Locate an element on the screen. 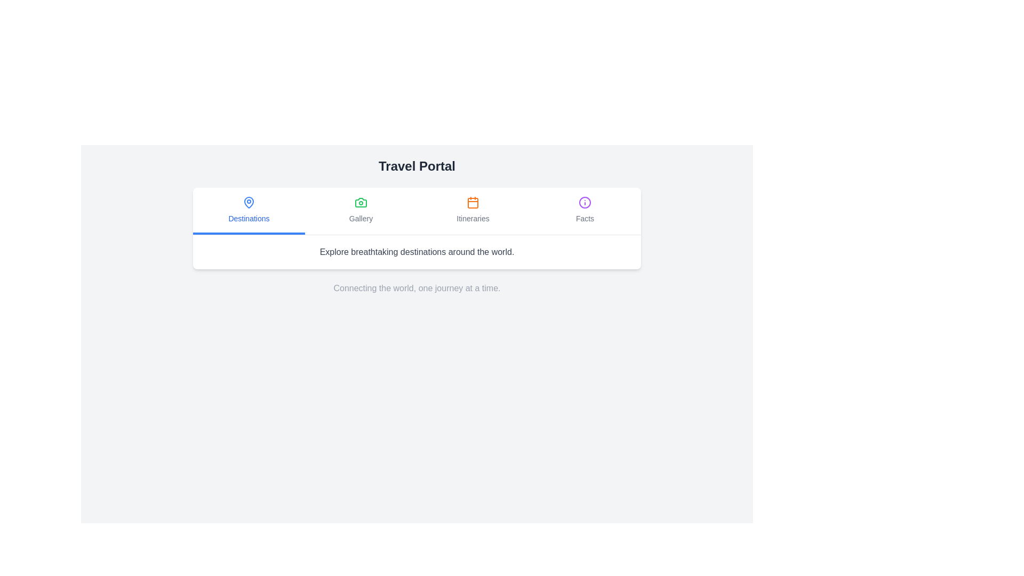 The image size is (1024, 576). the 'Destinations' icon in the horizontal navigation bar at the top of the main content area, which is the first item among options such as 'Gallery', 'Itineraries', and 'Facts' is located at coordinates (248, 203).